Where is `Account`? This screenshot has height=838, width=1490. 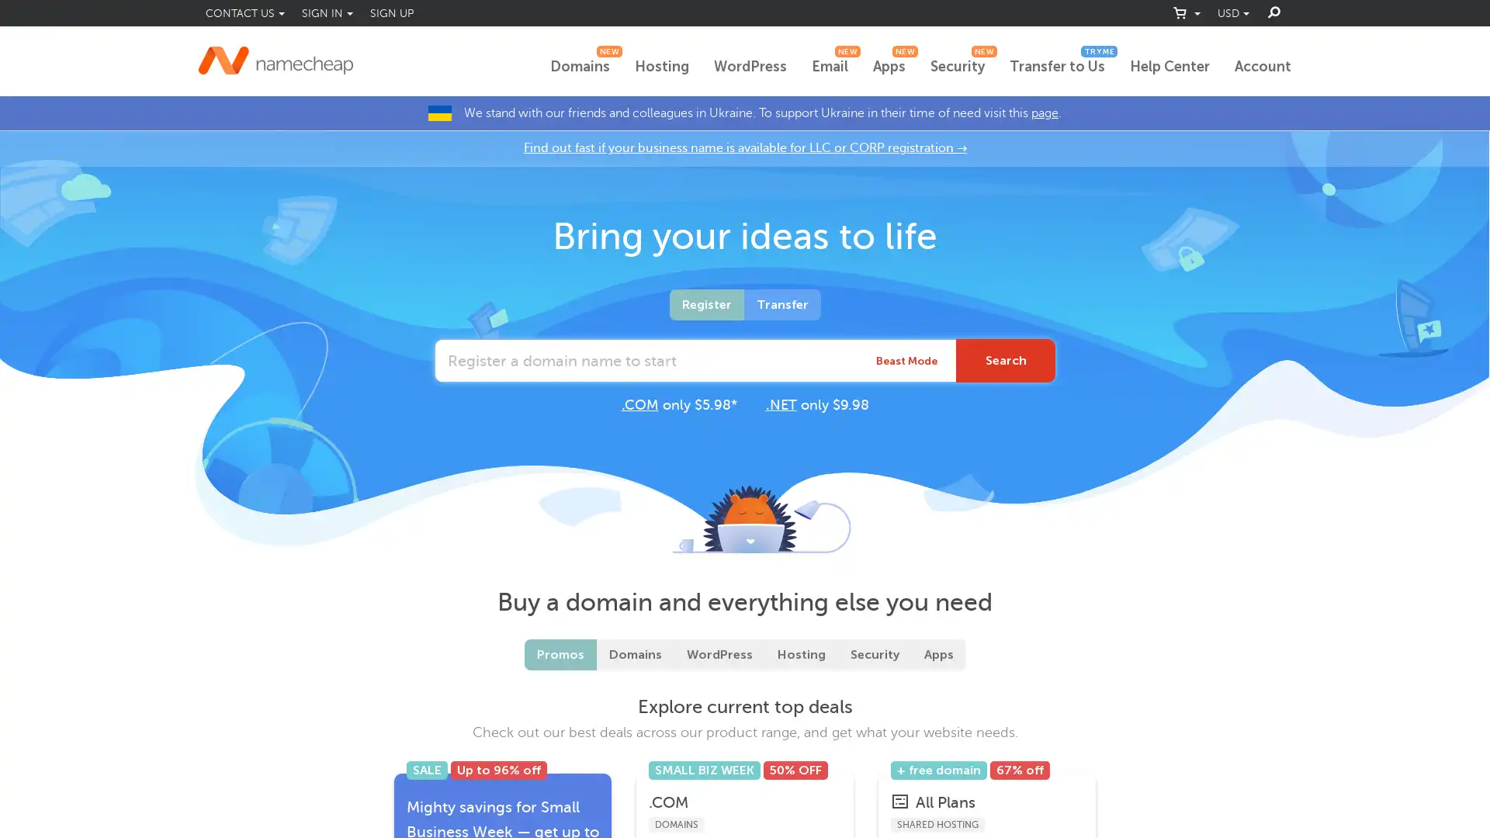
Account is located at coordinates (1263, 67).